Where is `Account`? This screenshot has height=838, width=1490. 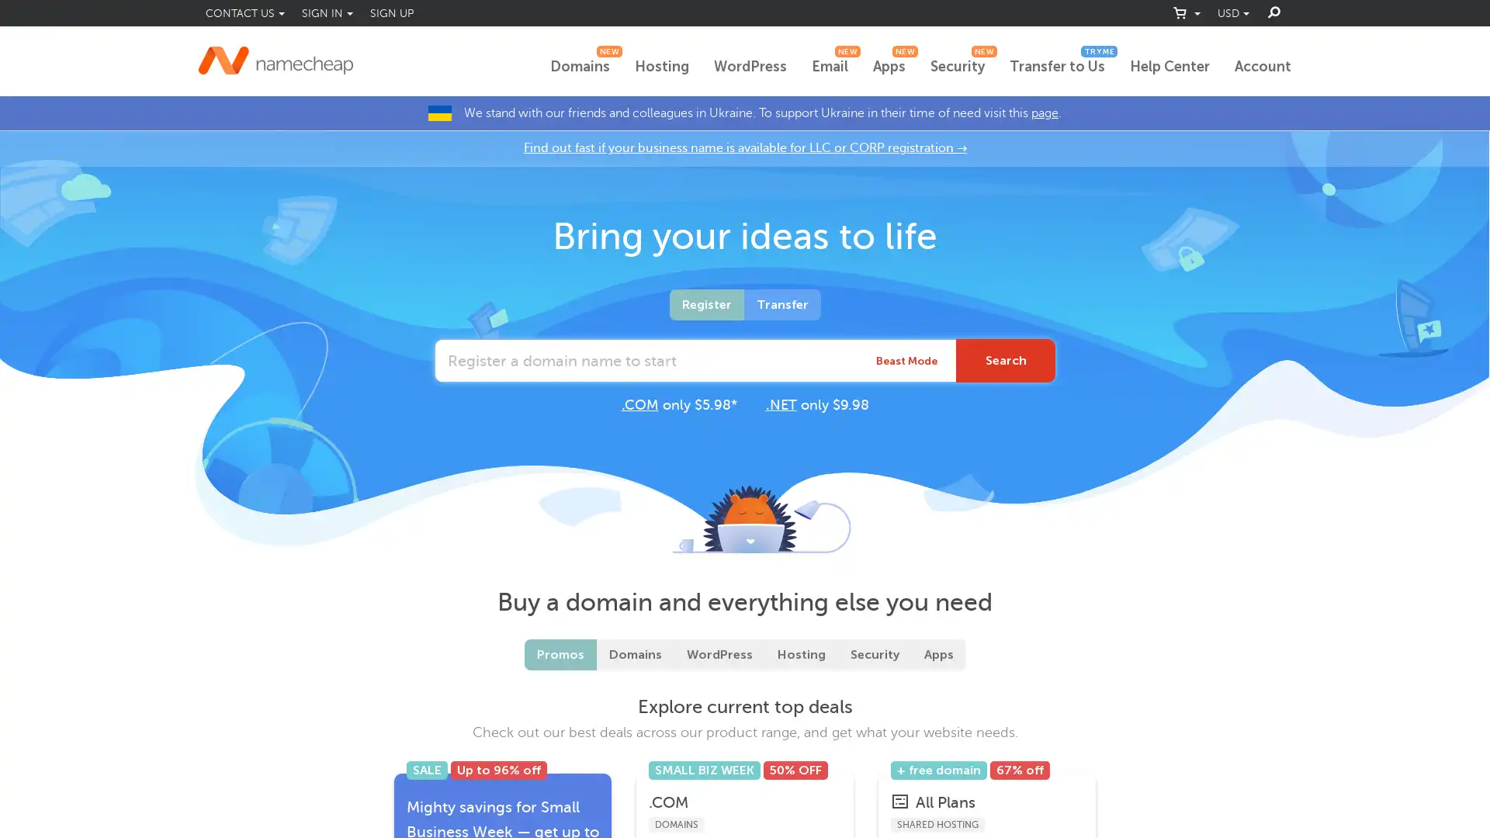
Account is located at coordinates (1263, 67).